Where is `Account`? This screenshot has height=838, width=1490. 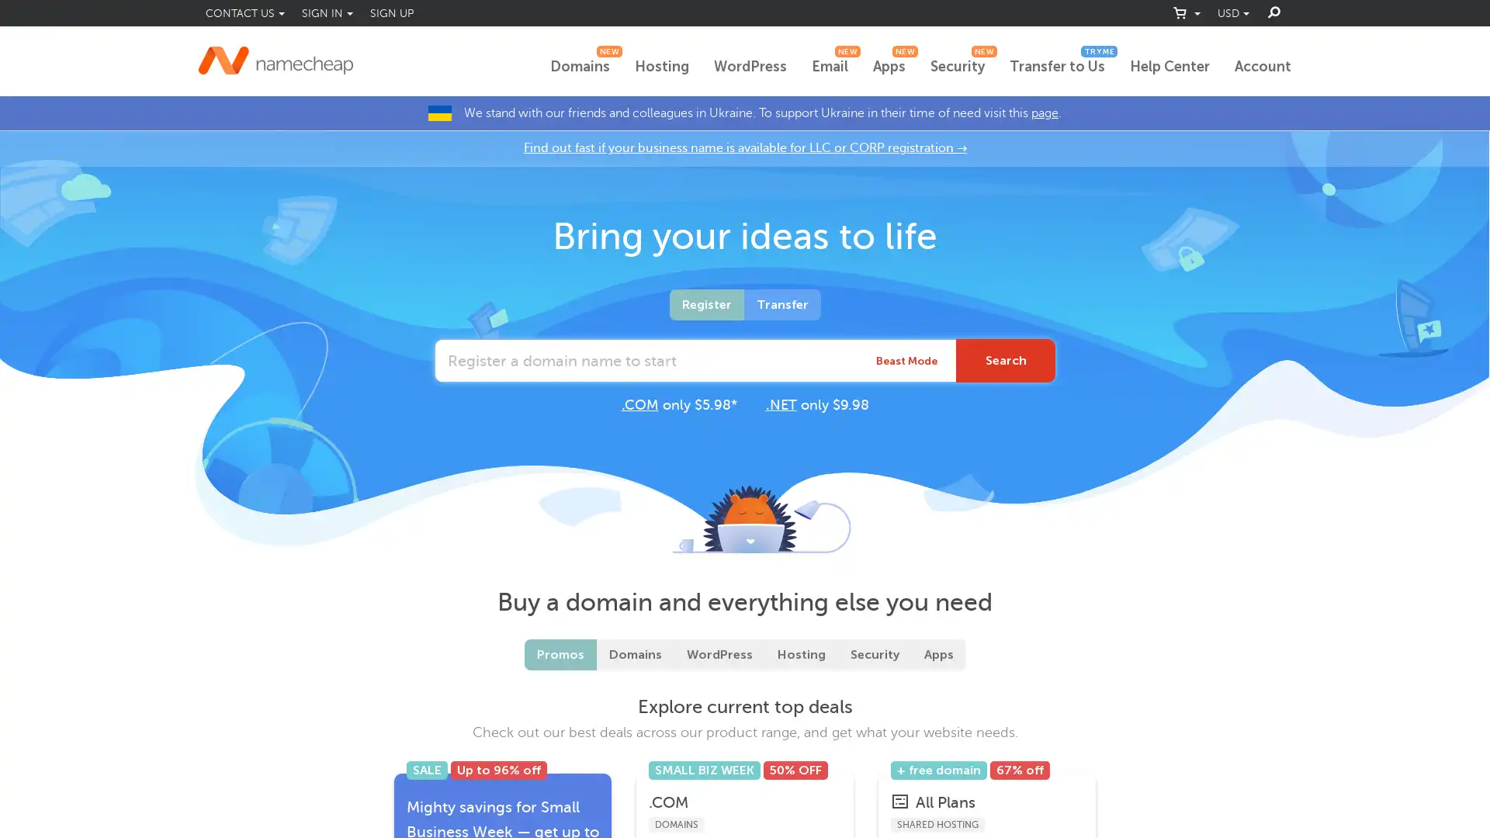
Account is located at coordinates (1263, 67).